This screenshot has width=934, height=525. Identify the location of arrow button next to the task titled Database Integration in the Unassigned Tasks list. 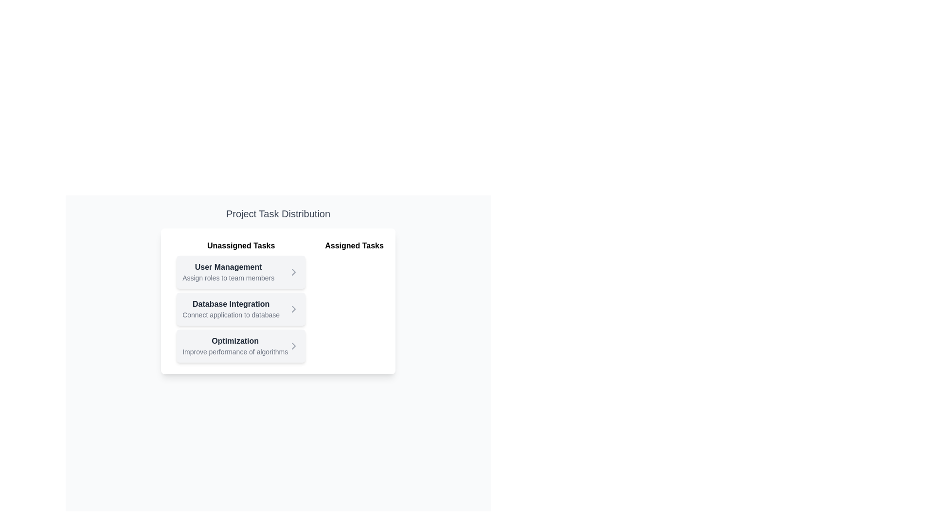
(293, 309).